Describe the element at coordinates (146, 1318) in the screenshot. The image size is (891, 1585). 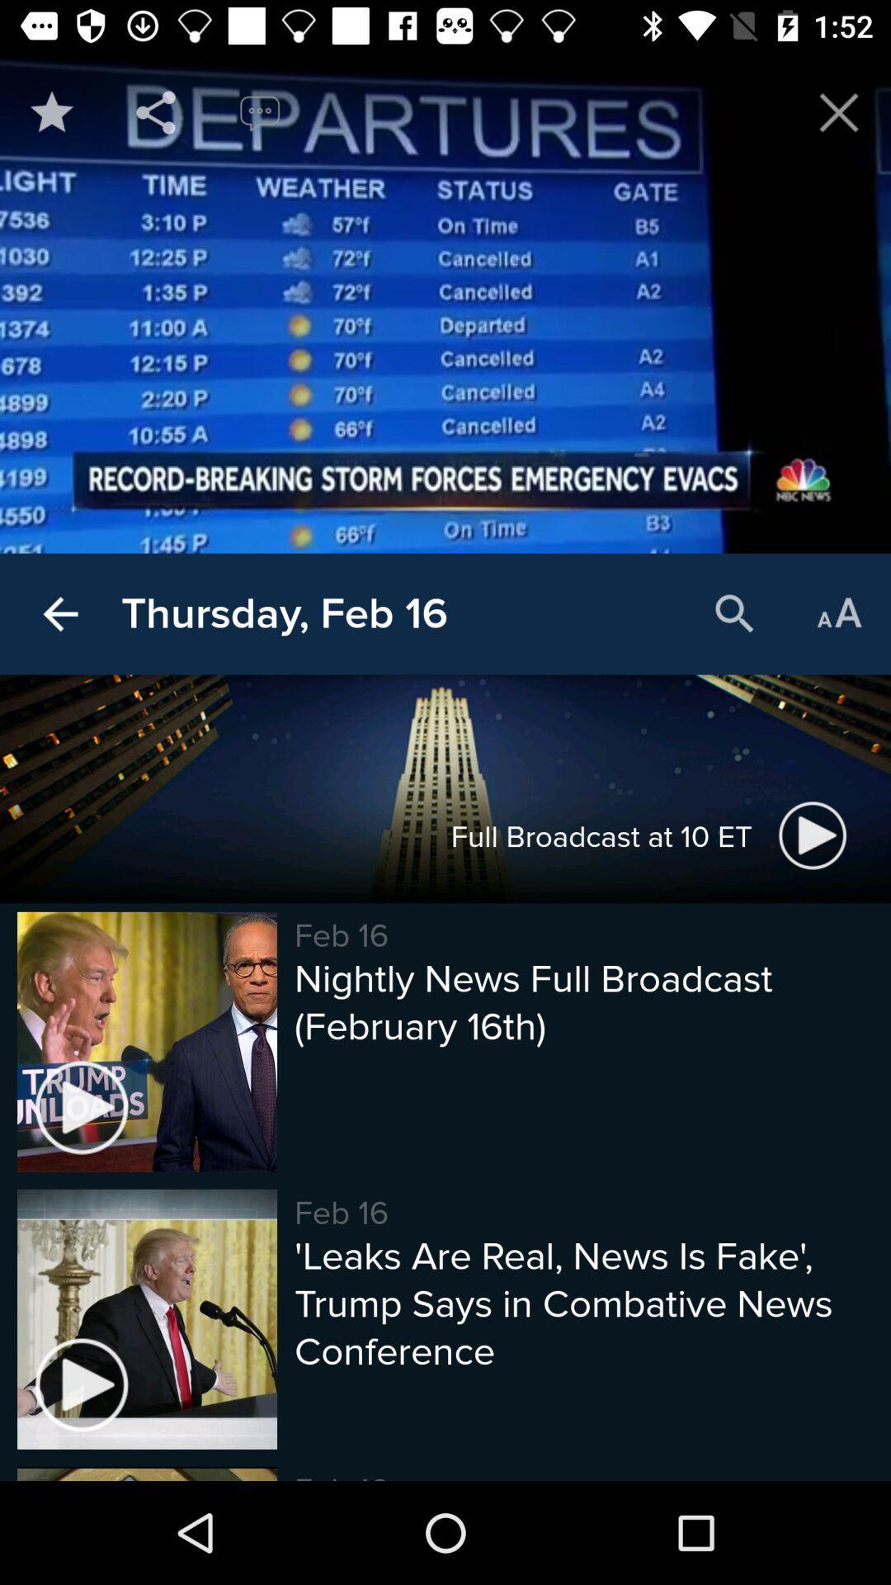
I see `the last image at the bottom of the page` at that location.